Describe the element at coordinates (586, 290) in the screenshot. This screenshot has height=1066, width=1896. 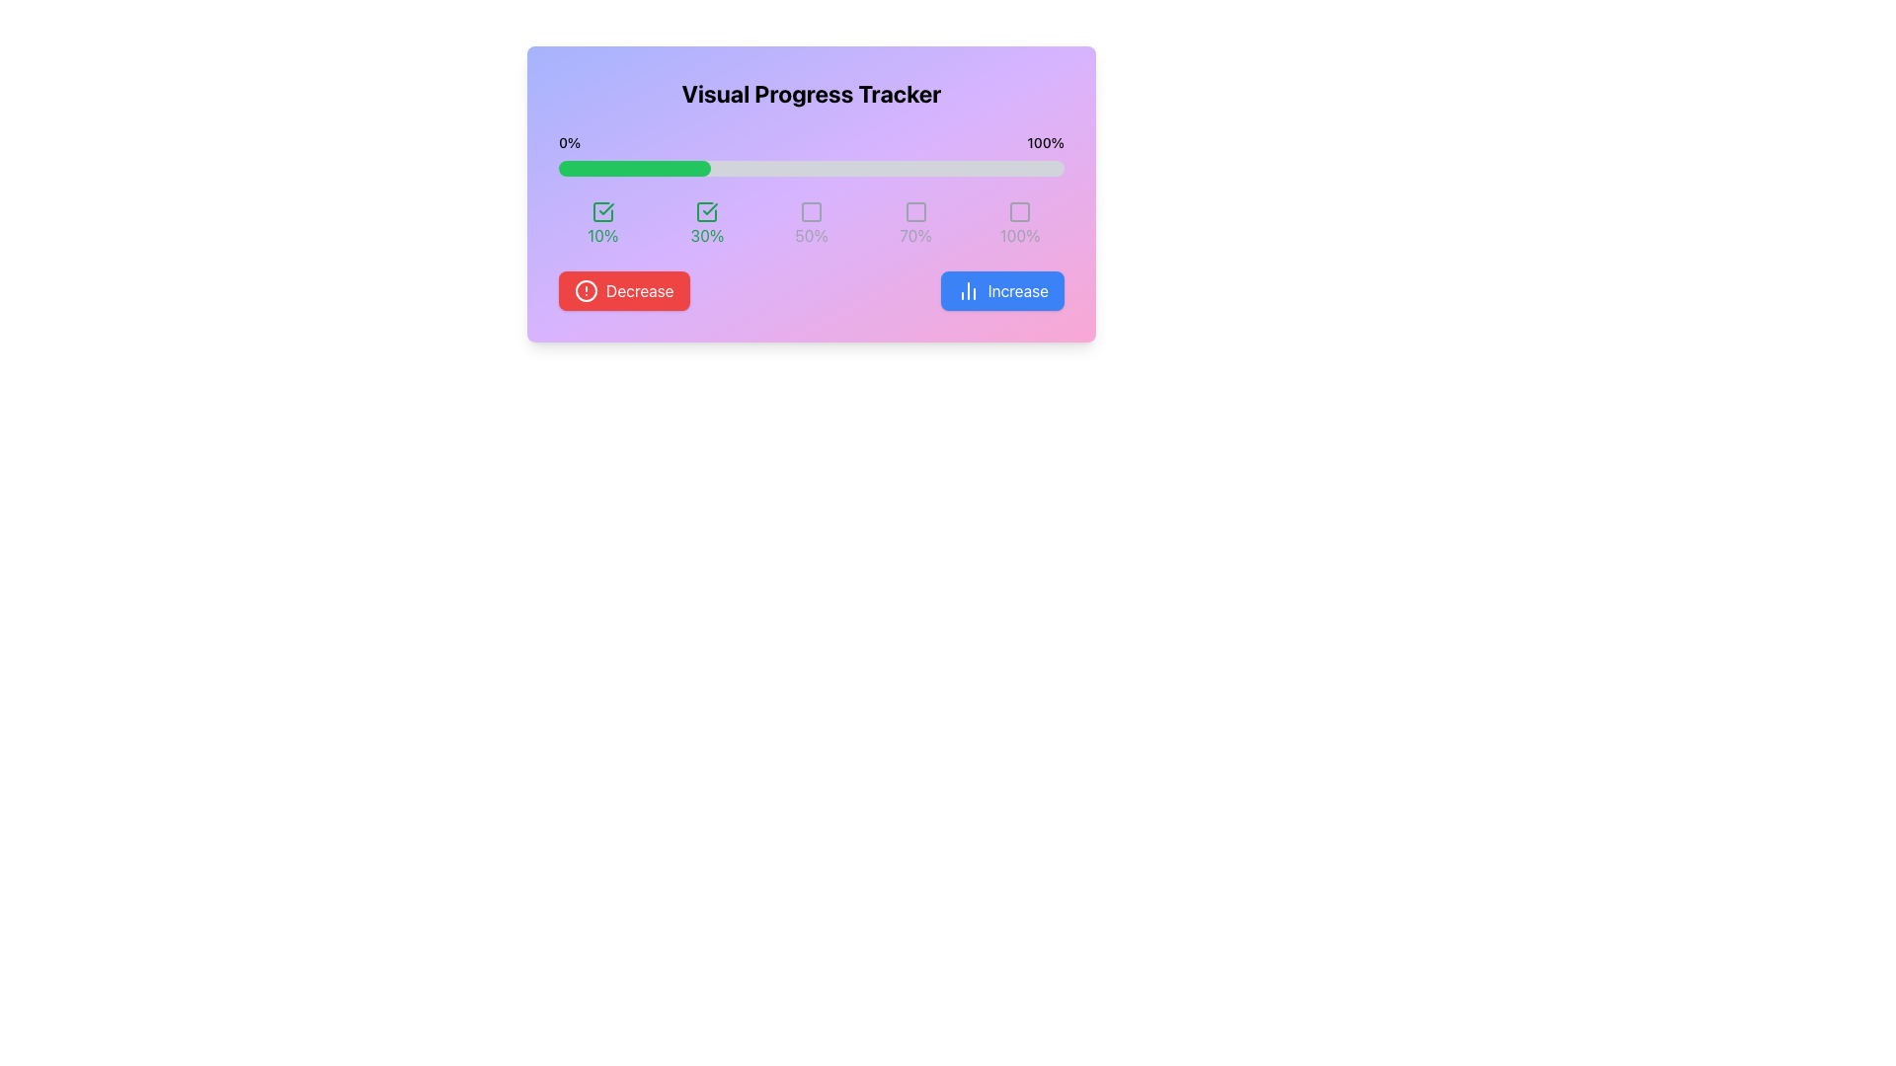
I see `the circular SVG graphic element that represents an alert, located near the bottom left of the interface` at that location.